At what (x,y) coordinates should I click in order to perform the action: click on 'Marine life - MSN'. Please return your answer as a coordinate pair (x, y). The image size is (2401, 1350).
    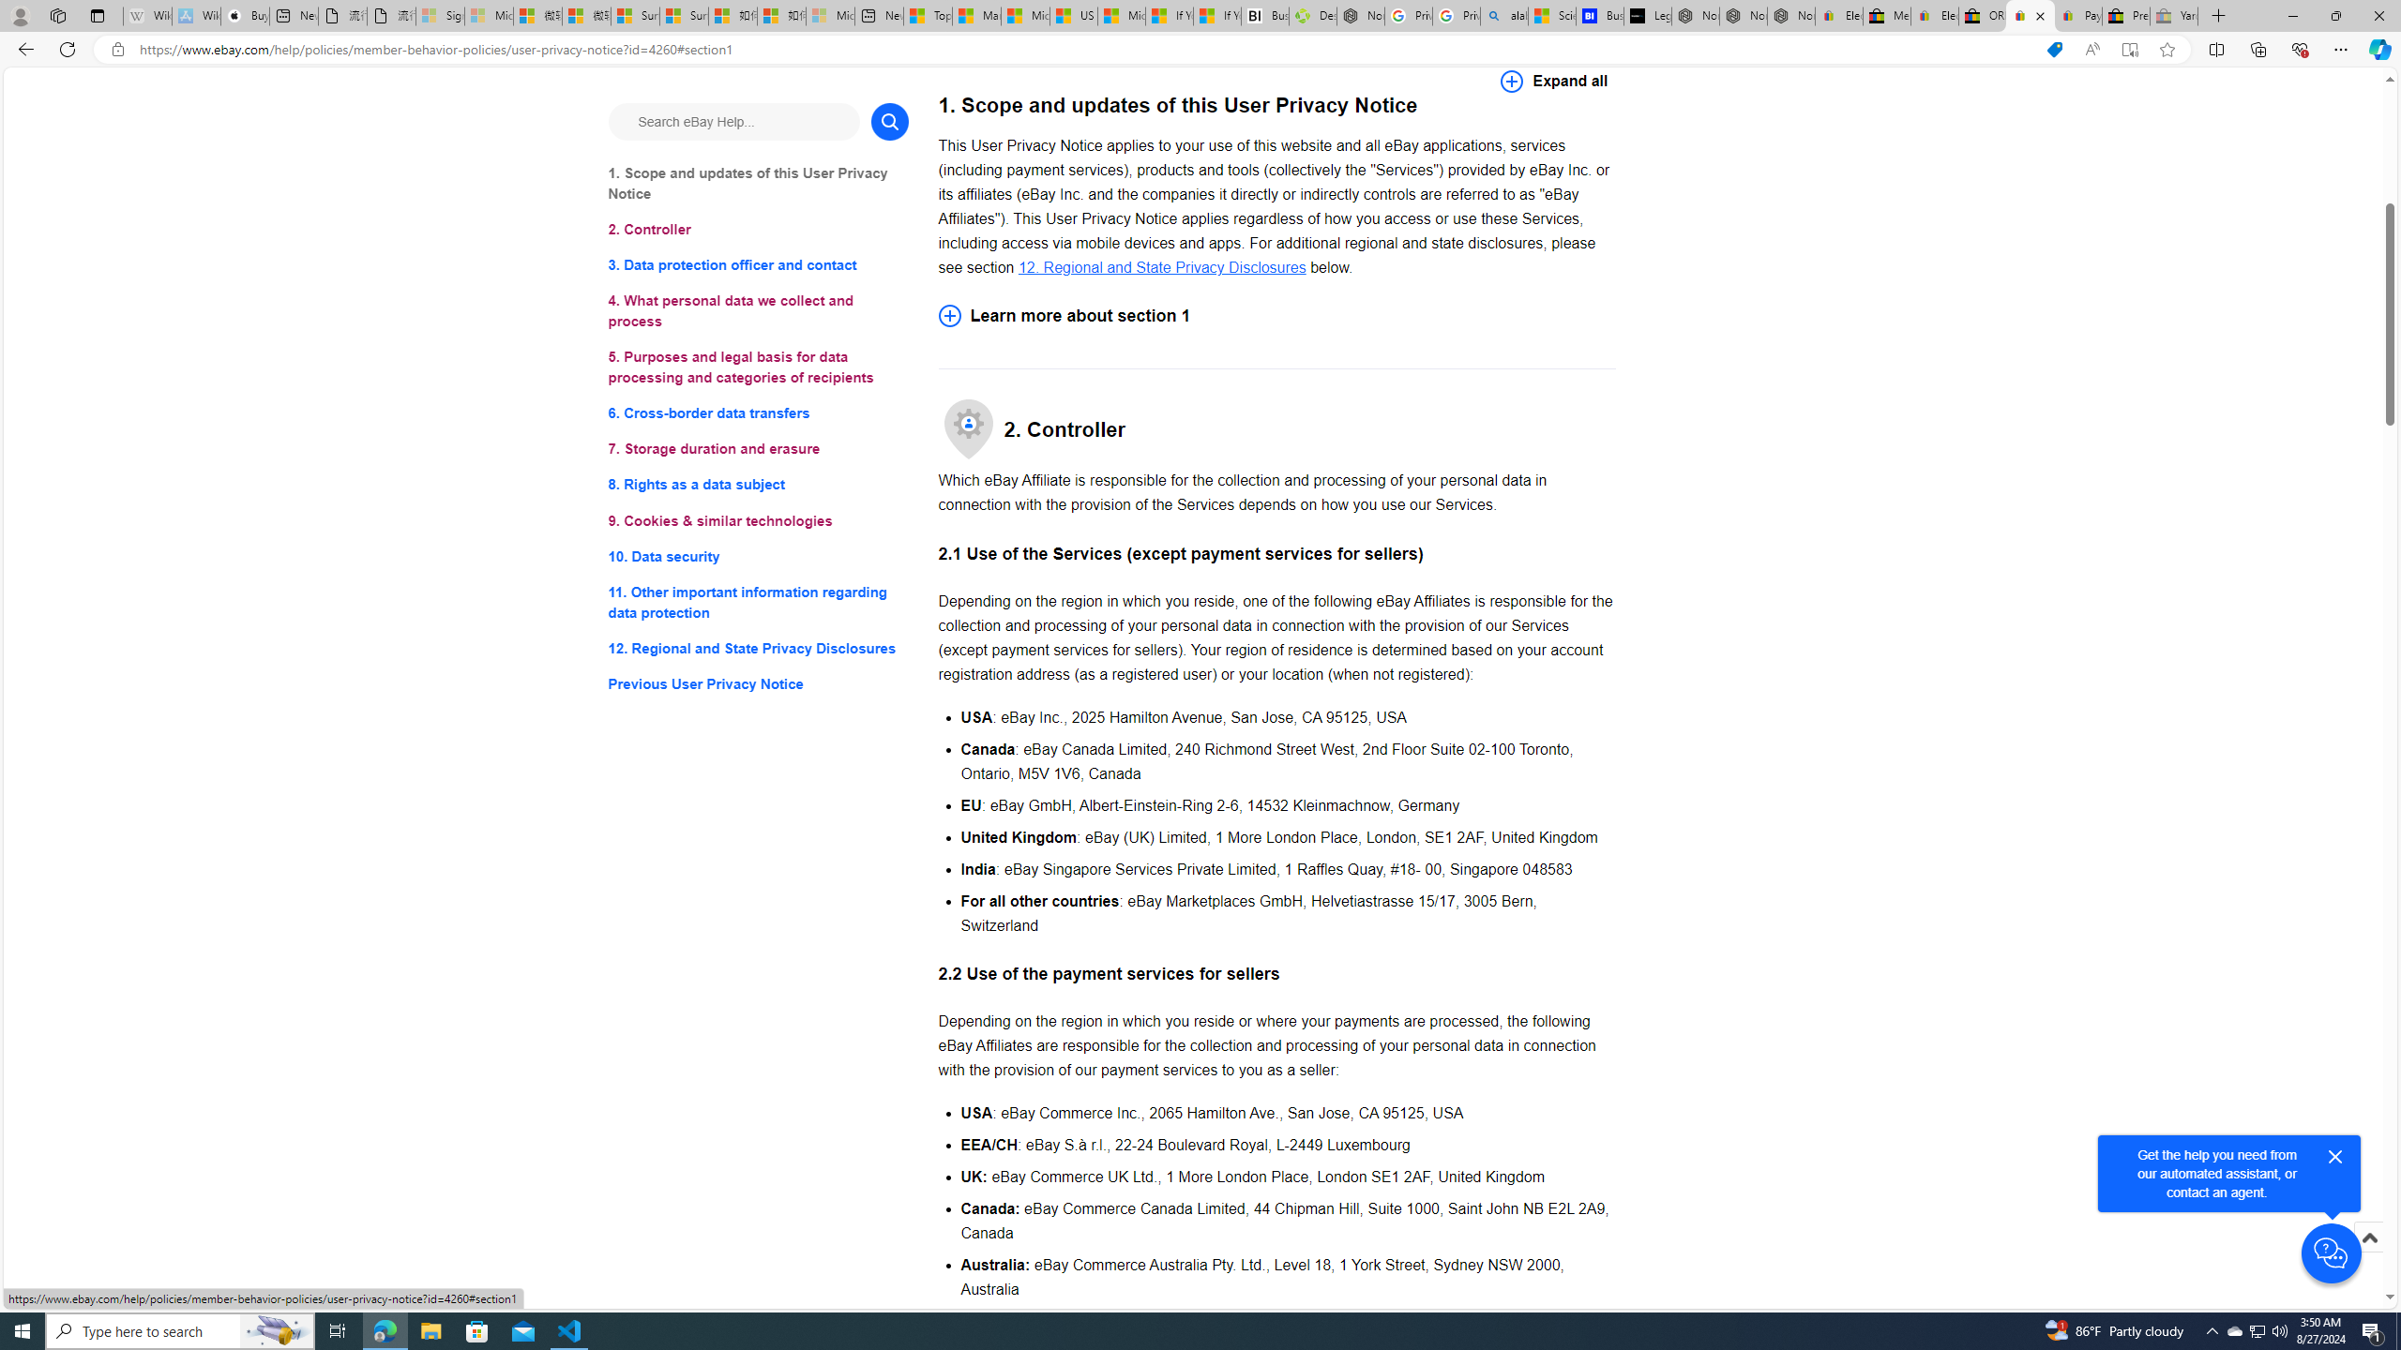
    Looking at the image, I should click on (974, 15).